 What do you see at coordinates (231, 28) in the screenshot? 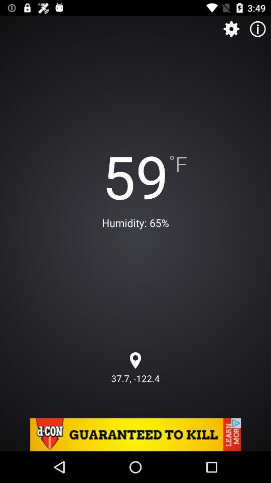
I see `the settings icon` at bounding box center [231, 28].